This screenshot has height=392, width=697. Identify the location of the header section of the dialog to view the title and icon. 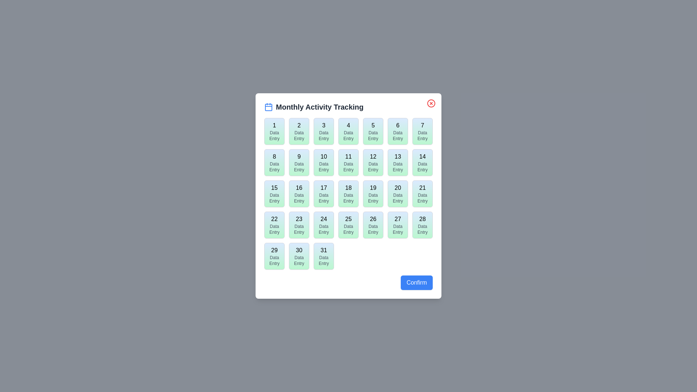
(348, 107).